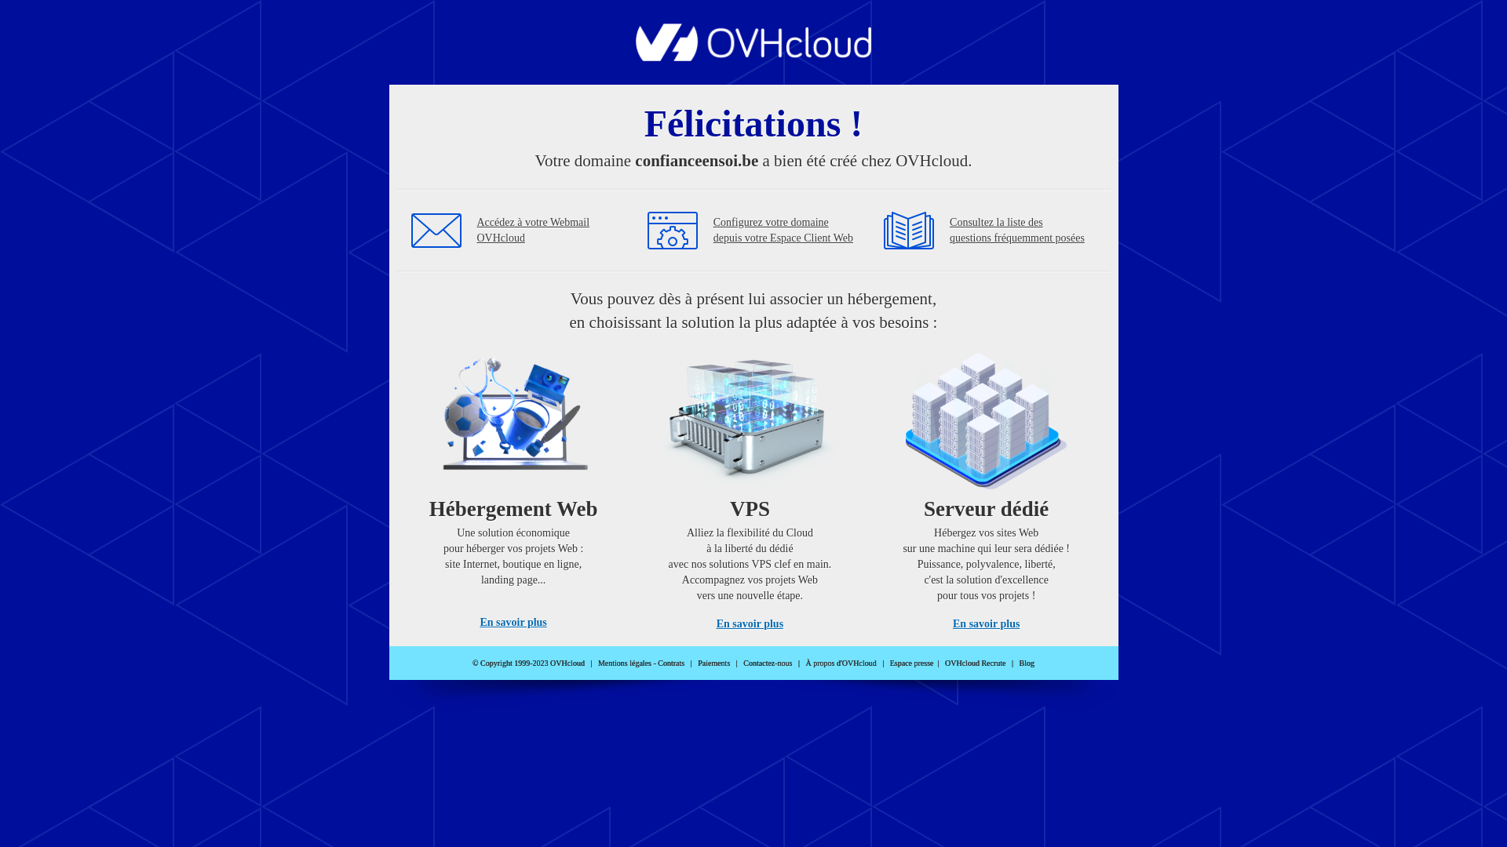 This screenshot has height=847, width=1507. Describe the element at coordinates (783, 230) in the screenshot. I see `'Configurez votre domaine` at that location.